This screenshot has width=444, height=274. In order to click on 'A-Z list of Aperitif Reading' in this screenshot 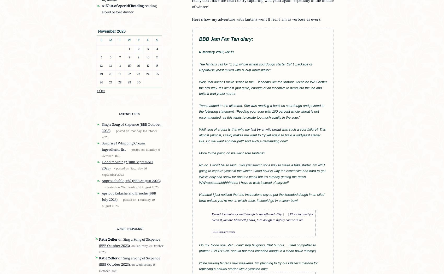, I will do `click(123, 6)`.